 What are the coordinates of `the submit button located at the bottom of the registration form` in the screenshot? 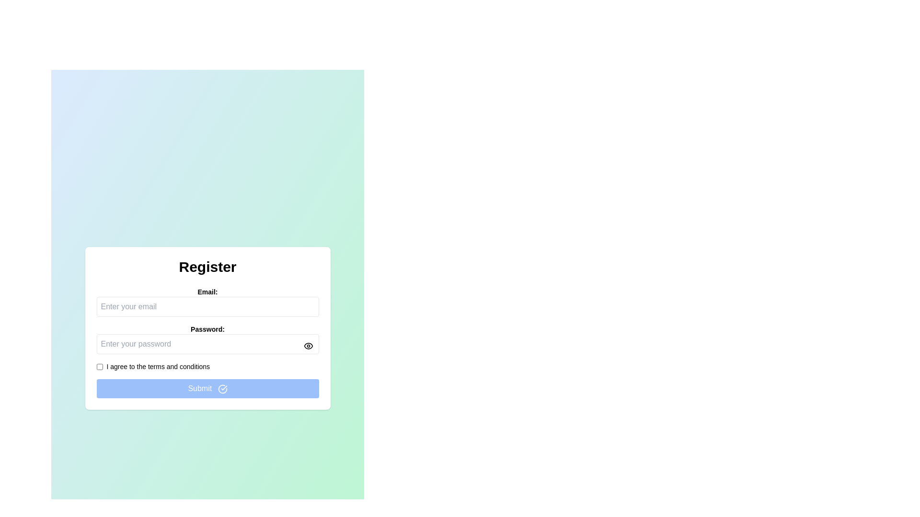 It's located at (207, 389).